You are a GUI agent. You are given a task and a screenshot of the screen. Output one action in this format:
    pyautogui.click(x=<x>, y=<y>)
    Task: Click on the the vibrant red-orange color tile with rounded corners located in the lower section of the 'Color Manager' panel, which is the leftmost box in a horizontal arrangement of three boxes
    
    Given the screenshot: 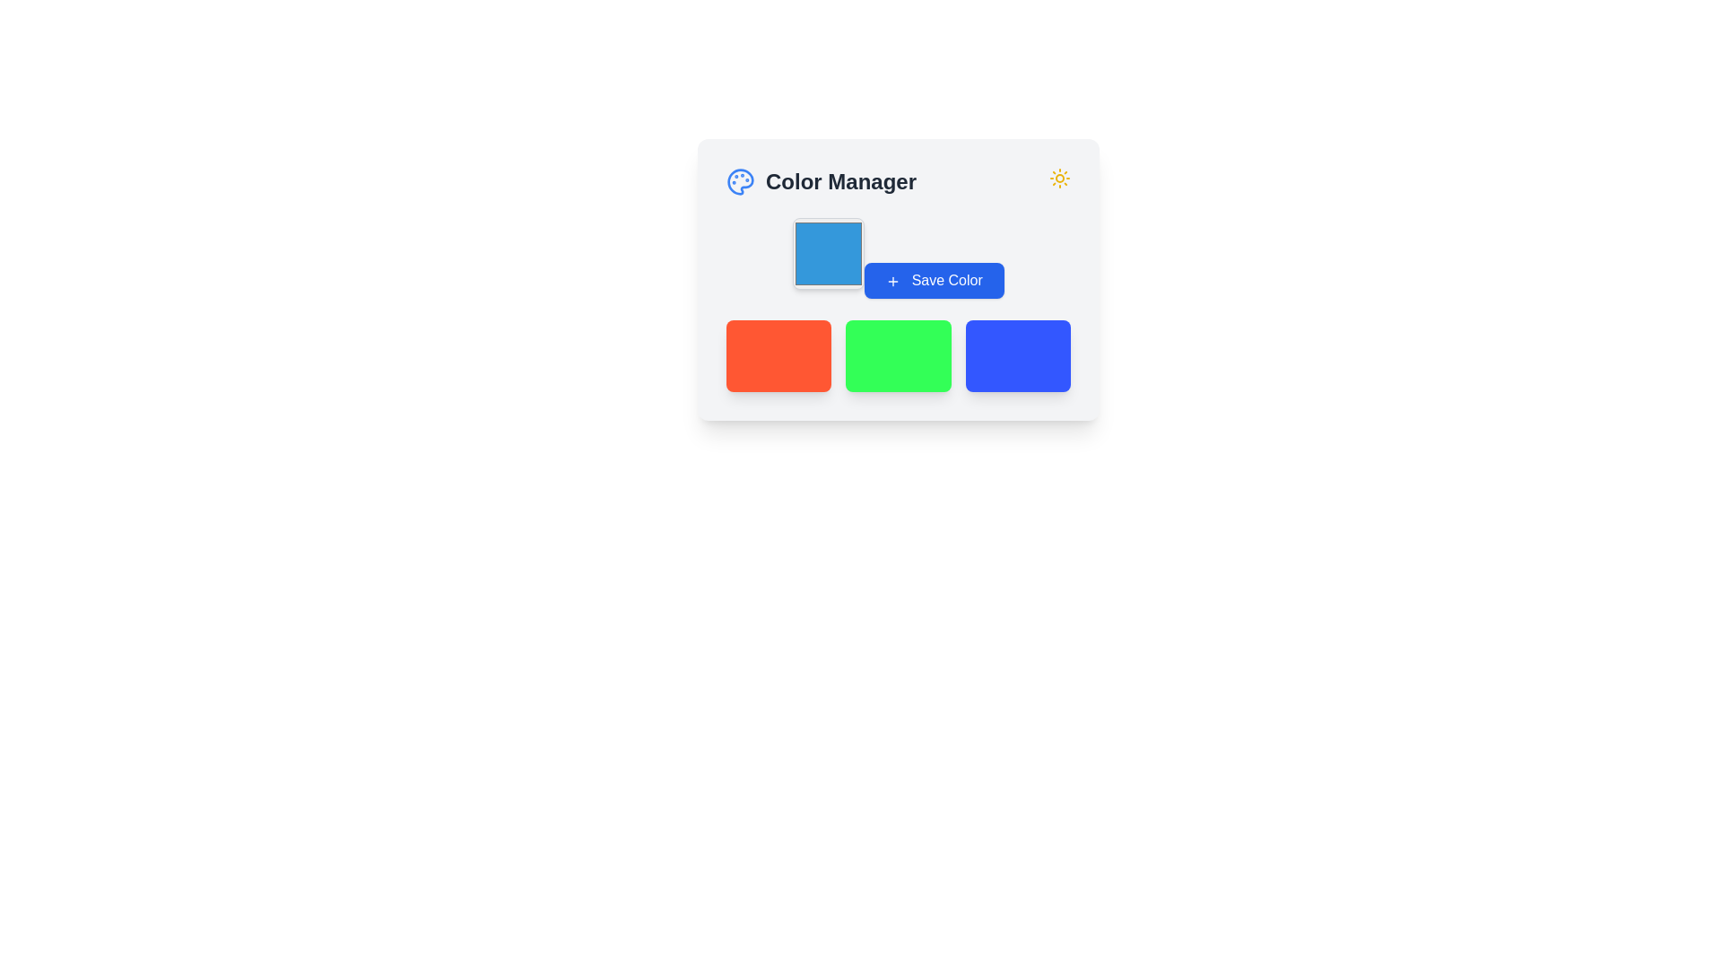 What is the action you would take?
    pyautogui.click(x=778, y=356)
    